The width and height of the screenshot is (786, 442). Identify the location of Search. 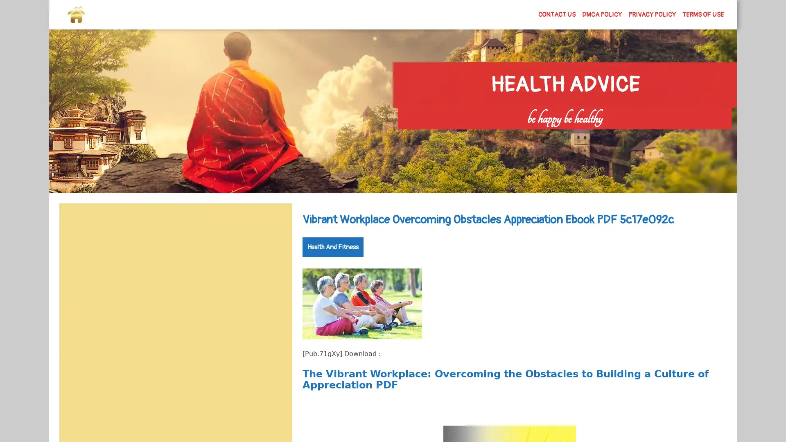
(637, 134).